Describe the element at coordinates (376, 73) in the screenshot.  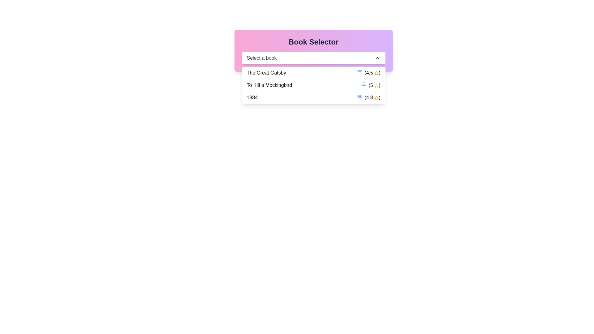
I see `the small yellow star icon located to the right of the rating text '(4.5)' near 'The Great Gatsby' in the Book Selector dropdown` at that location.